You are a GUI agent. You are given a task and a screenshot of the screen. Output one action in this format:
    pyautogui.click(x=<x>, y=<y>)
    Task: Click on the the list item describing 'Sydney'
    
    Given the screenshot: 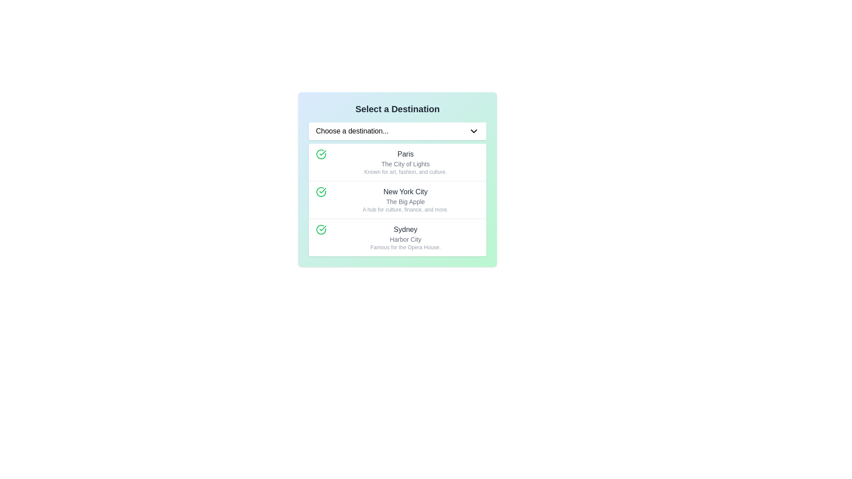 What is the action you would take?
    pyautogui.click(x=397, y=237)
    